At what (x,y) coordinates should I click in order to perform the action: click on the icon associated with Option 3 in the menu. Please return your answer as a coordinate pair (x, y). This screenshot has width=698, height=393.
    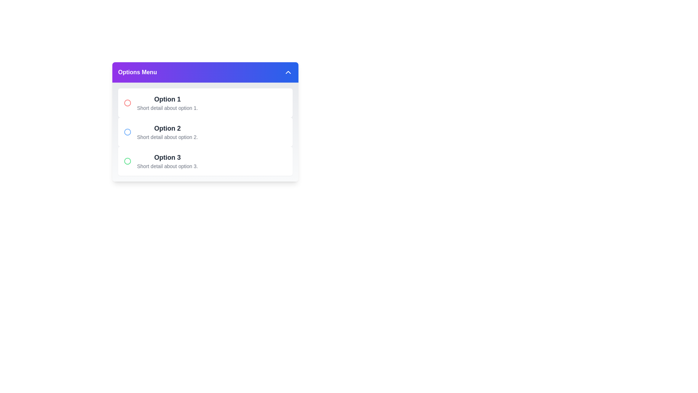
    Looking at the image, I should click on (127, 161).